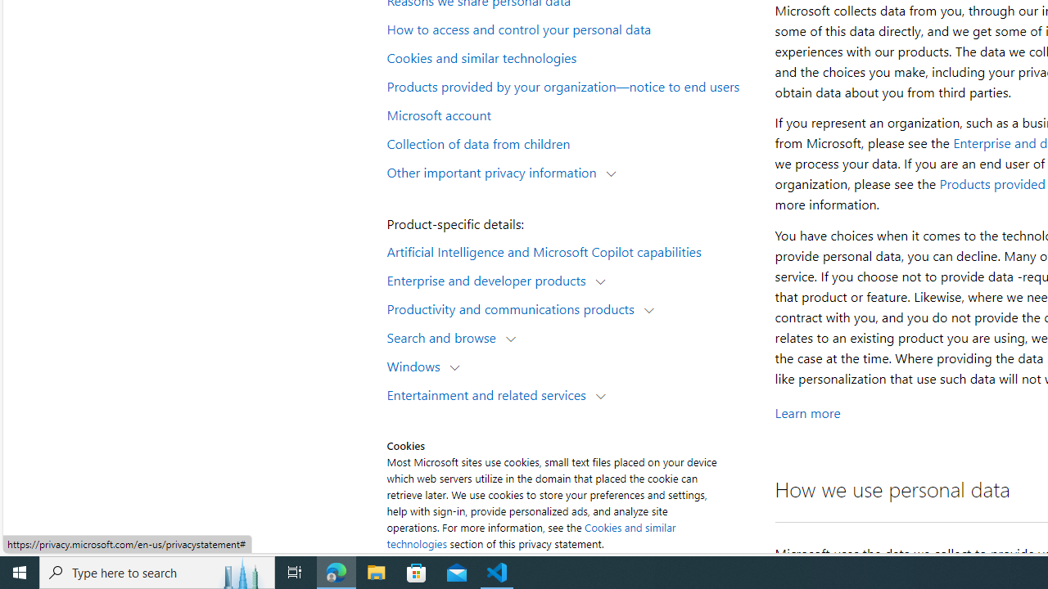 This screenshot has height=589, width=1048. Describe the element at coordinates (570, 142) in the screenshot. I see `'Collection of data from children'` at that location.